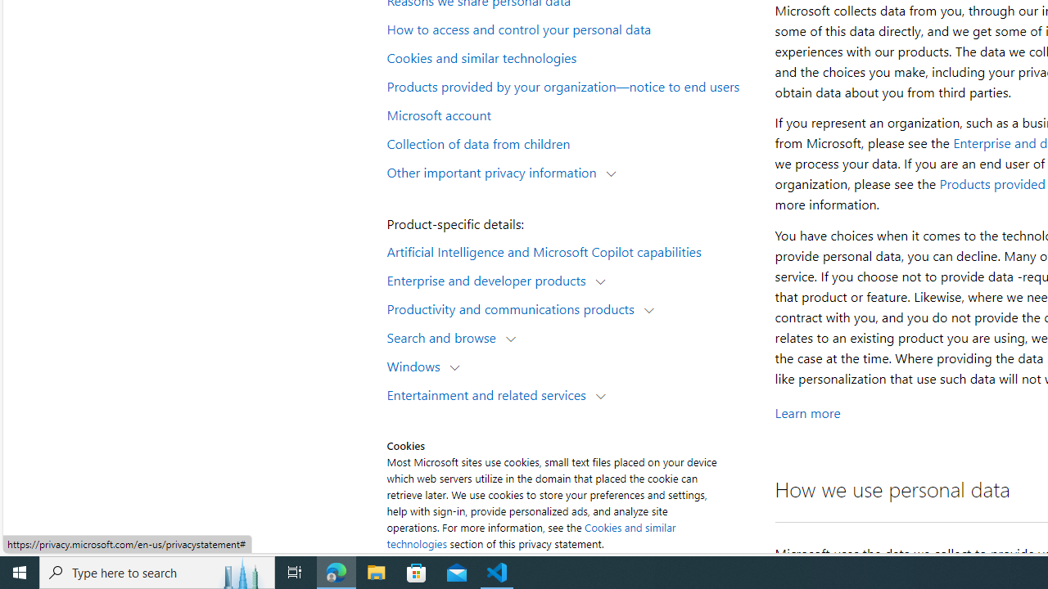 This screenshot has height=589, width=1048. Describe the element at coordinates (570, 142) in the screenshot. I see `'Collection of data from children'` at that location.